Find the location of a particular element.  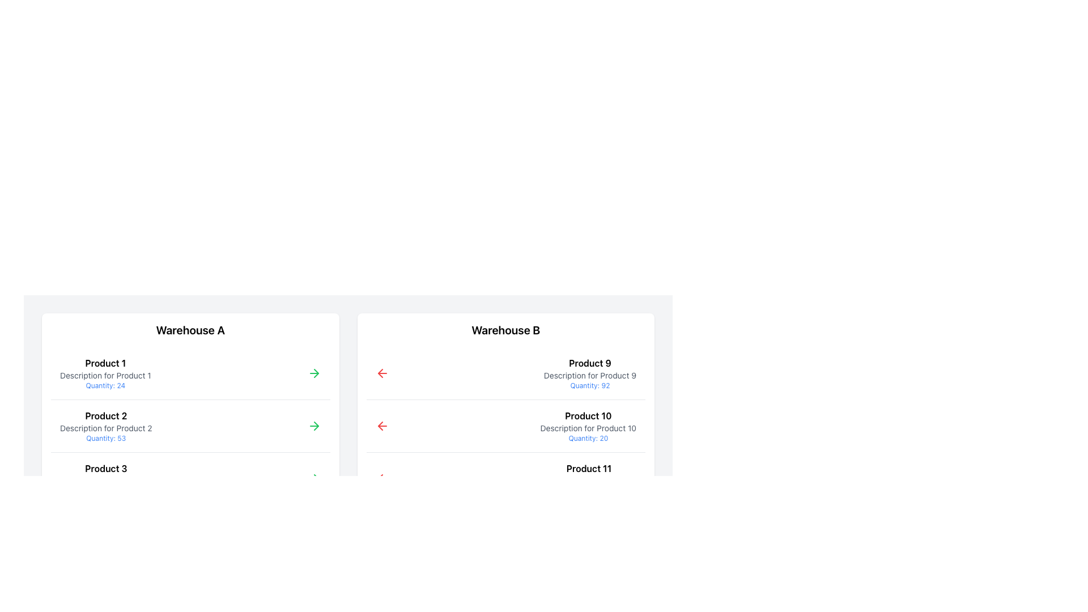

the rightmost icon button in the second row of the 'Warehouse A' section to proceed with actions related to 'Product 2' is located at coordinates (314, 426).